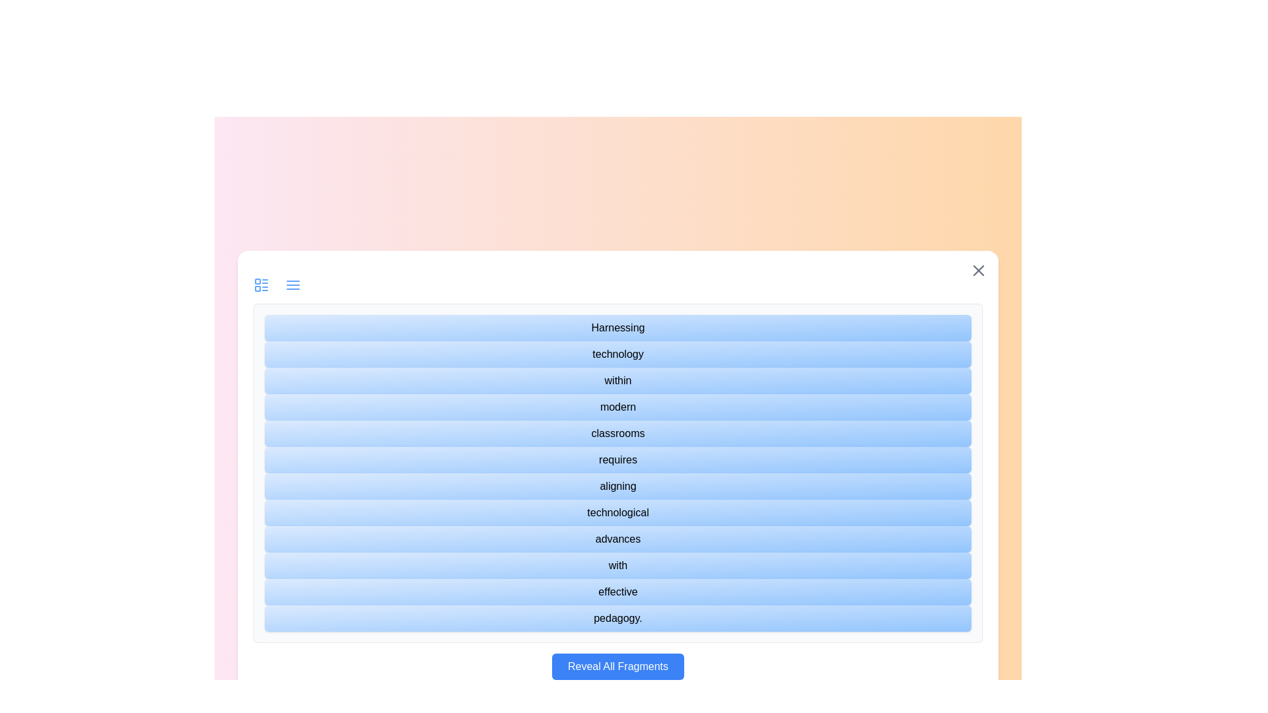 The height and width of the screenshot is (713, 1268). I want to click on close button to hide the component, so click(979, 269).